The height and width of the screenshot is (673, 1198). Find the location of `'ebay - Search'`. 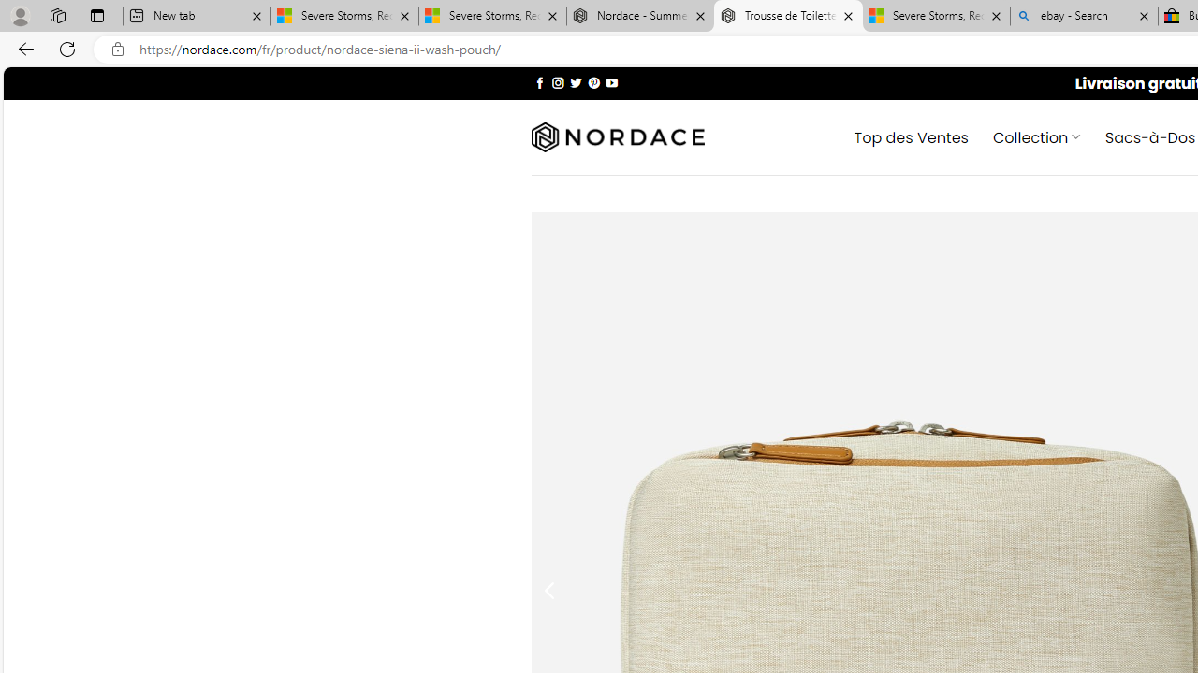

'ebay - Search' is located at coordinates (1084, 16).